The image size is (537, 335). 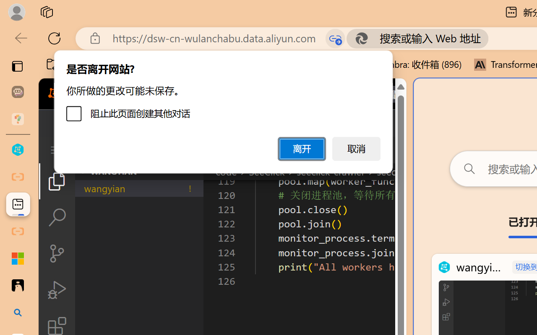 What do you see at coordinates (18, 258) in the screenshot?
I see `'Adjust indents and spacing - Microsoft Support'` at bounding box center [18, 258].